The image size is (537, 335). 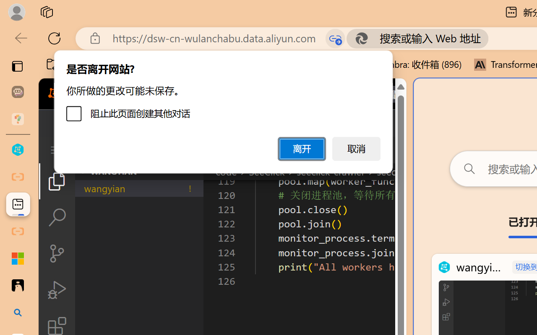 What do you see at coordinates (18, 258) in the screenshot?
I see `'Adjust indents and spacing - Microsoft Support'` at bounding box center [18, 258].